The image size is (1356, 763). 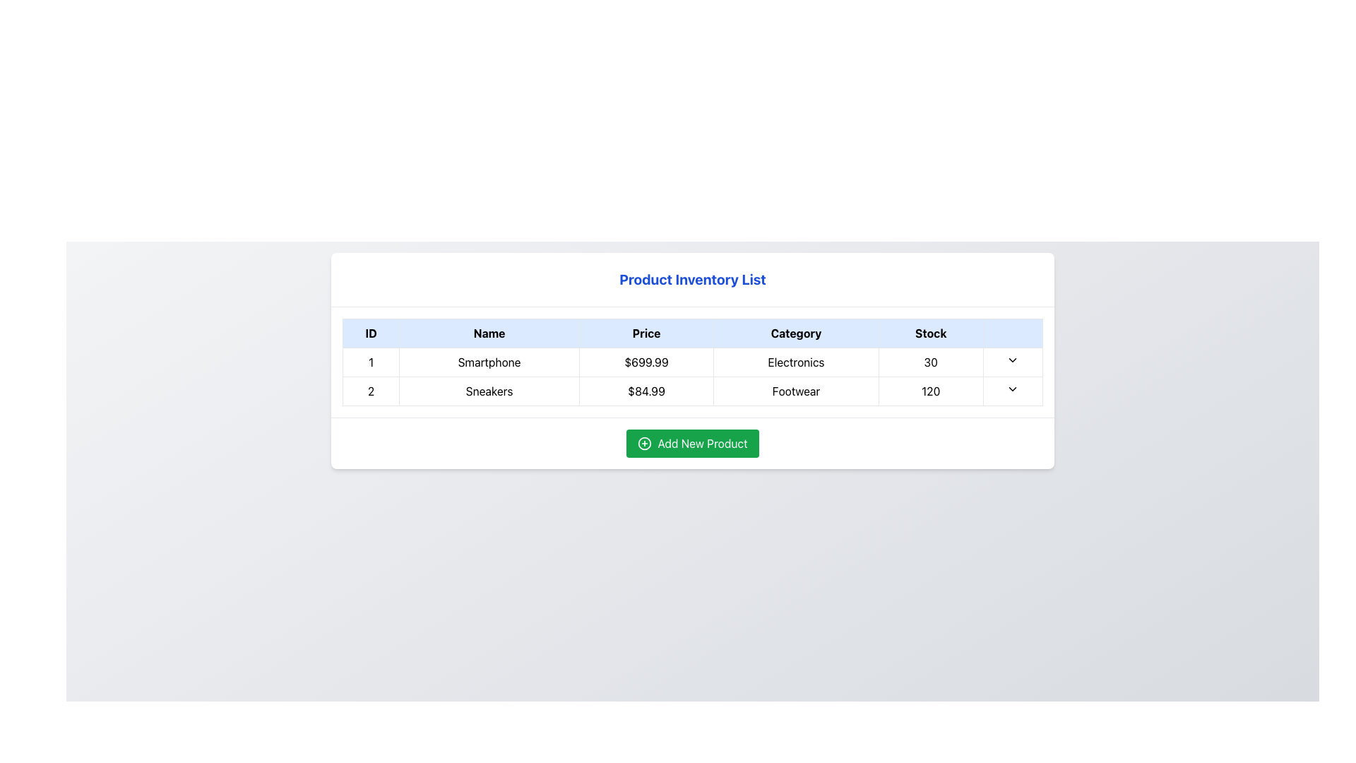 What do you see at coordinates (371, 391) in the screenshot?
I see `the text label displaying '2' in the ID column of the Sneakers product row in the table` at bounding box center [371, 391].